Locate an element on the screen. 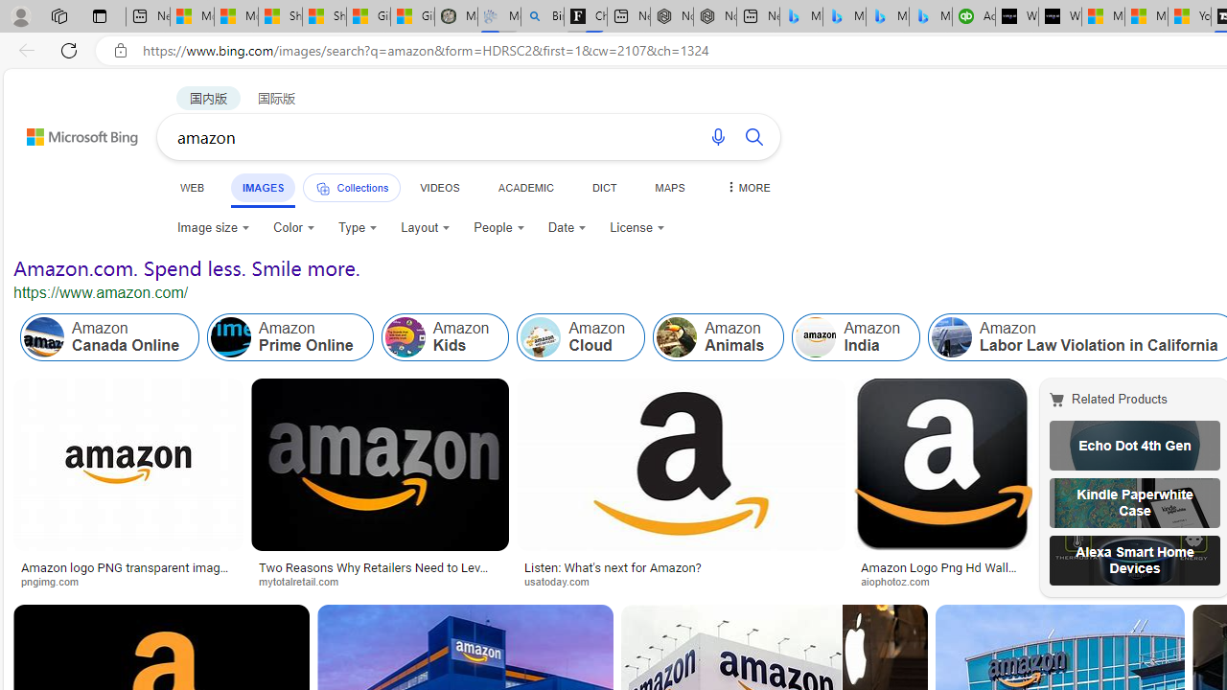  'Microsoft Bing Travel - Shangri-La Hotel Bangkok' is located at coordinates (930, 16).